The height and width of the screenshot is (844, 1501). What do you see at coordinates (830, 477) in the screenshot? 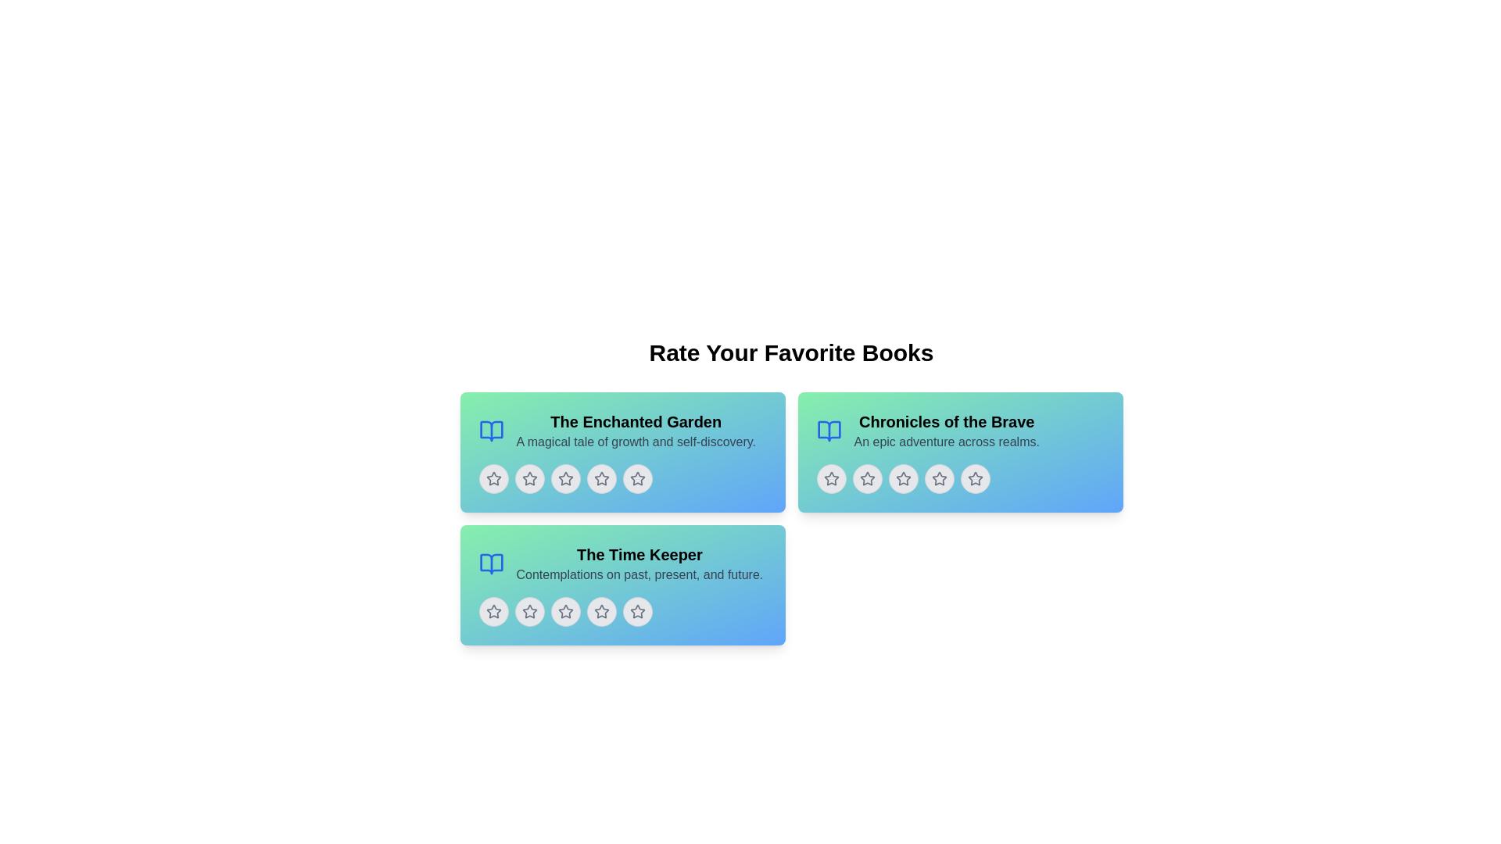
I see `the third star icon in the rating row of the 'Chronicles of the Brave' card` at bounding box center [830, 477].